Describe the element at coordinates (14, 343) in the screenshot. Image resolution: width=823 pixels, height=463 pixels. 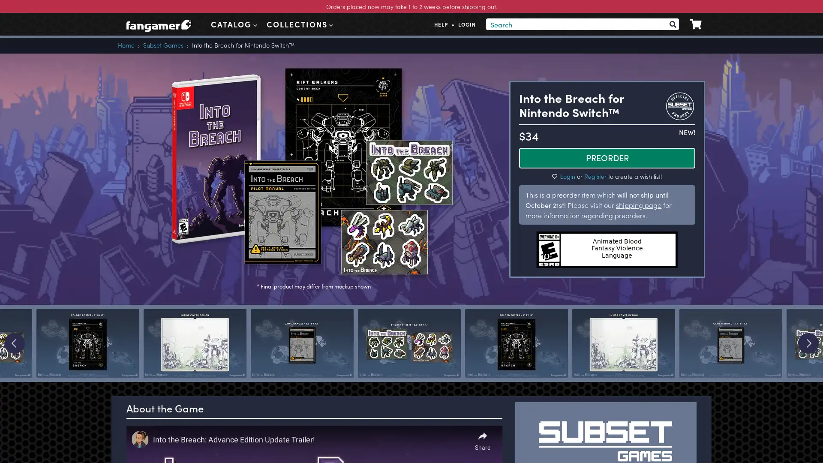
I see `Previous slide` at that location.